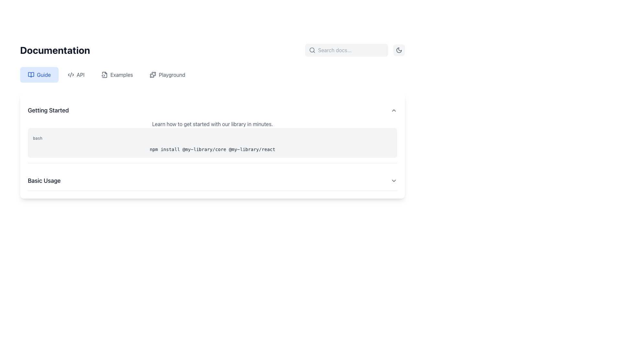 The height and width of the screenshot is (350, 622). What do you see at coordinates (393, 181) in the screenshot?
I see `the small downward-pointing chevron icon located on the far right side of the 'Basic Usage' bar` at bounding box center [393, 181].